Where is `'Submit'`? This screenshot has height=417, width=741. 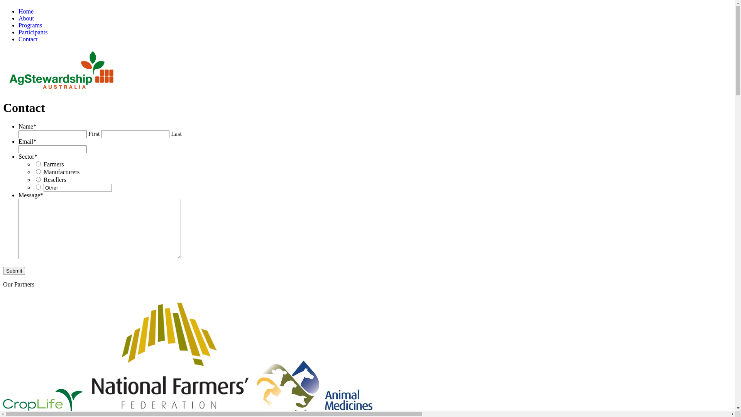
'Submit' is located at coordinates (14, 270).